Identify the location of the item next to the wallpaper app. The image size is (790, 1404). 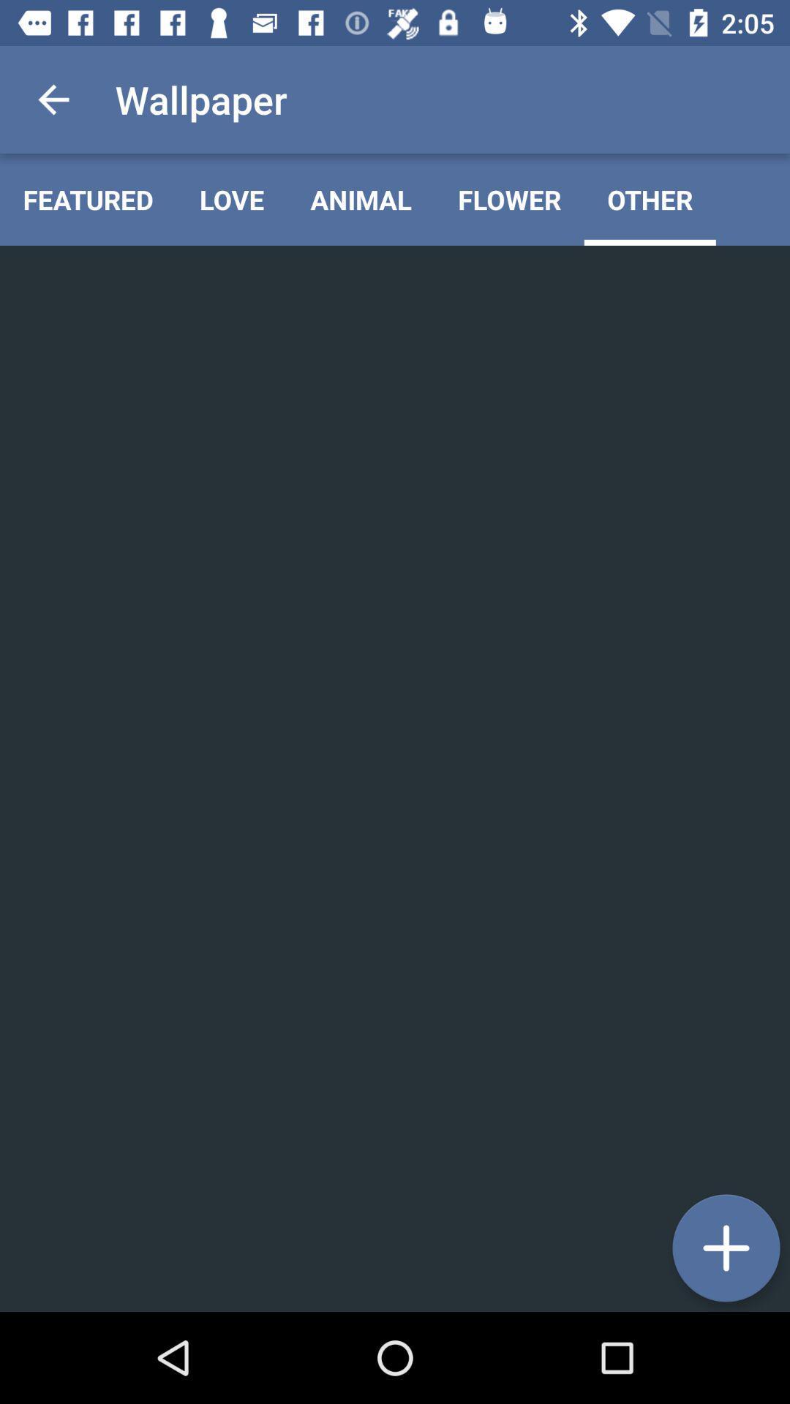
(53, 99).